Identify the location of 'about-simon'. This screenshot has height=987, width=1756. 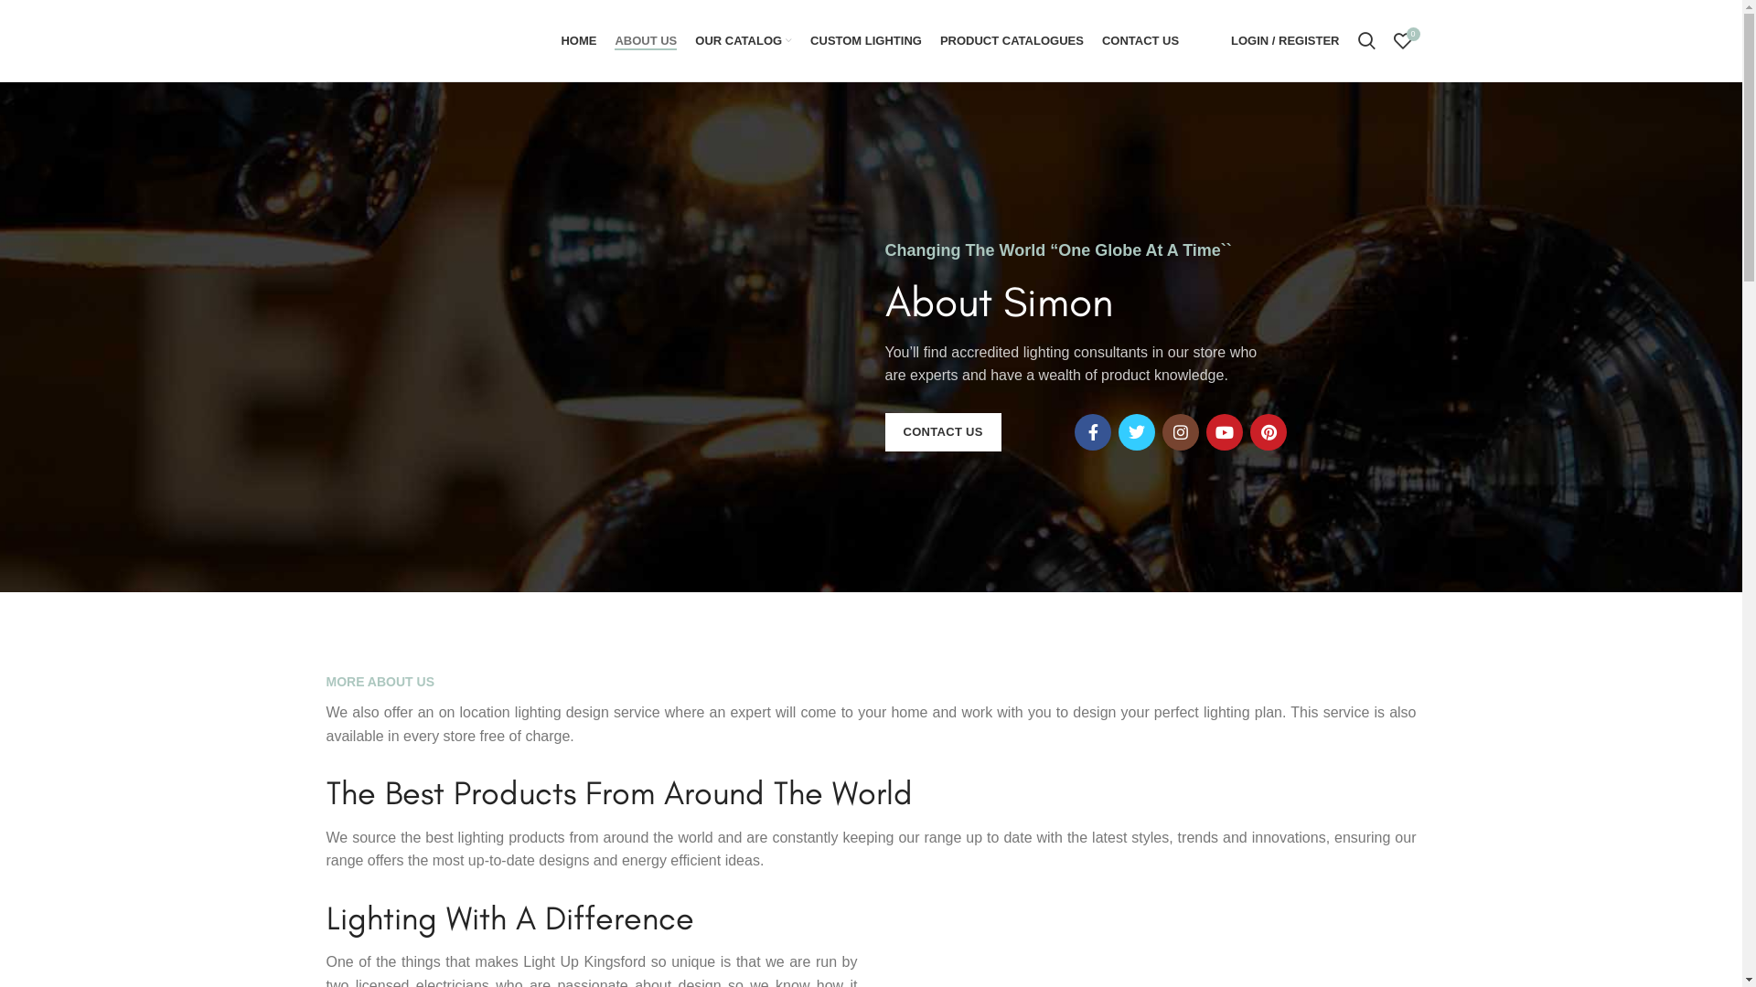
(705, 345).